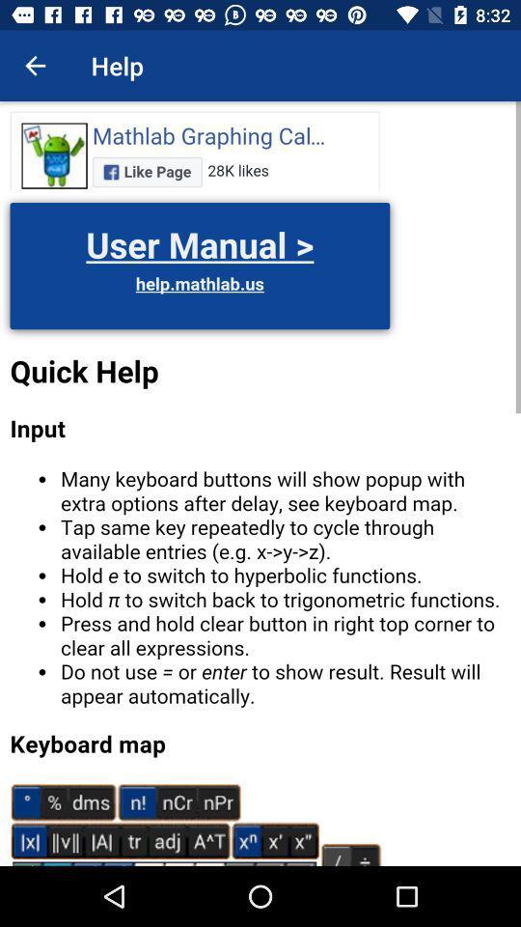 The height and width of the screenshot is (927, 521). Describe the element at coordinates (260, 483) in the screenshot. I see `description` at that location.